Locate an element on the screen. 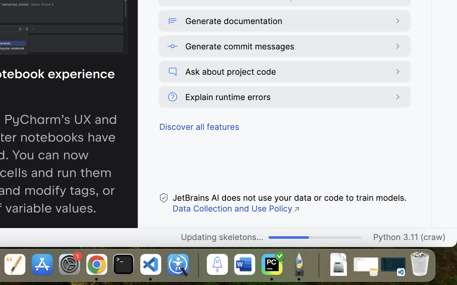  'Python 3.11 (craw)' is located at coordinates (409, 237).